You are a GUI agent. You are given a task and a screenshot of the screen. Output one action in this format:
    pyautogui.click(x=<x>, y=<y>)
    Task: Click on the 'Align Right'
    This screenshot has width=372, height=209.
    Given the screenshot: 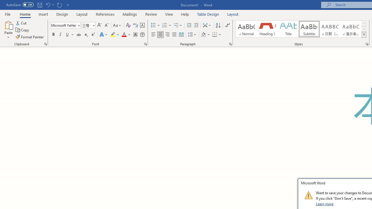 What is the action you would take?
    pyautogui.click(x=167, y=35)
    